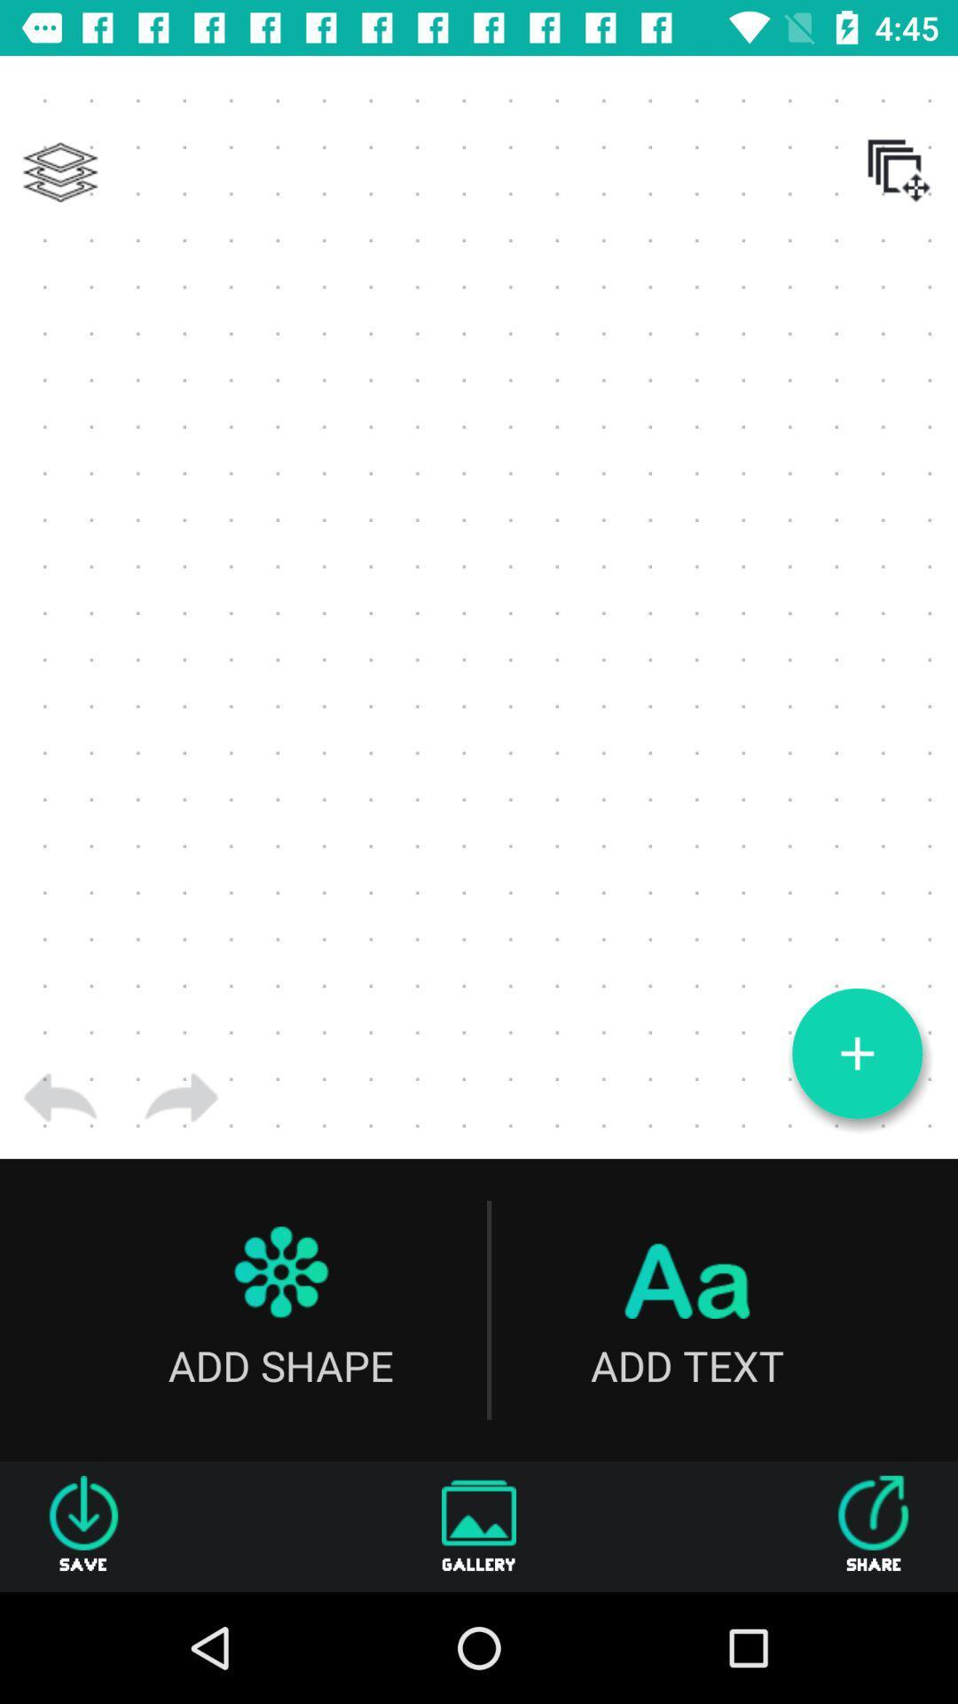 This screenshot has height=1704, width=958. I want to click on layers, so click(59, 172).